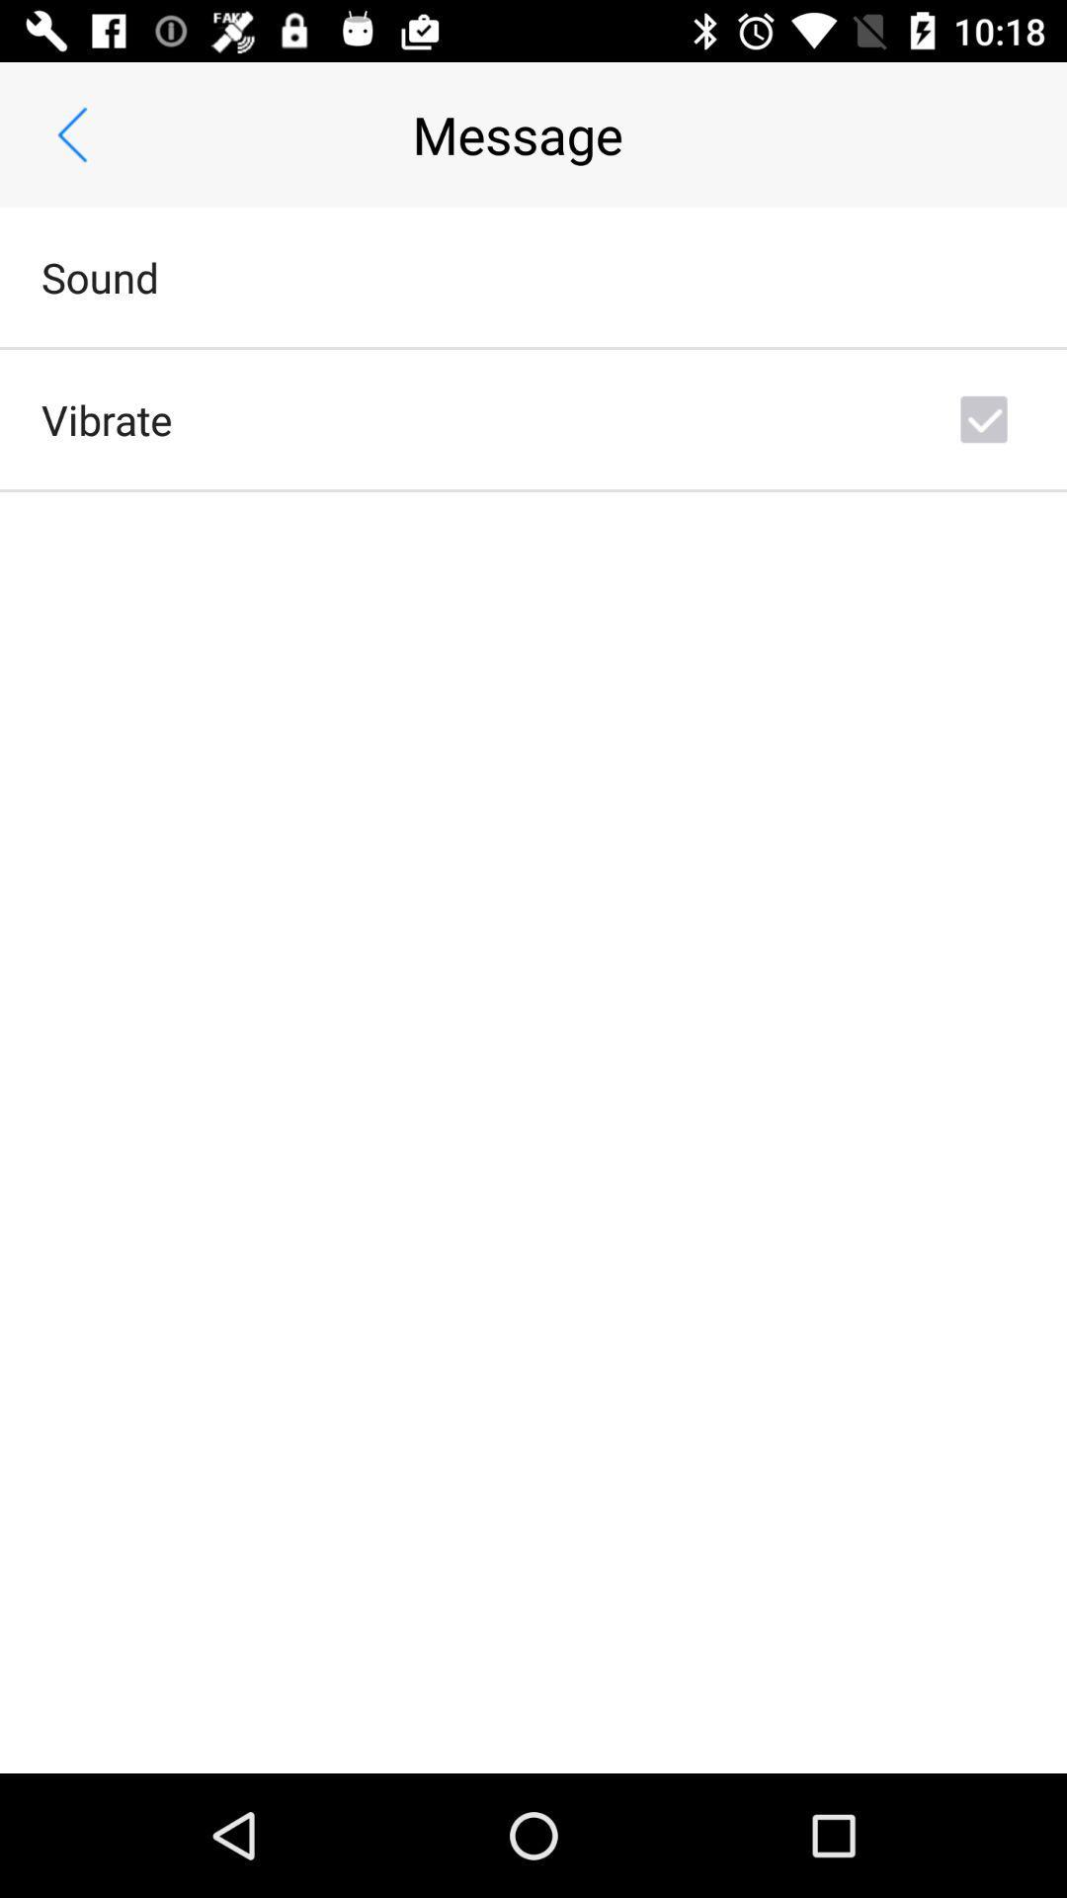 The height and width of the screenshot is (1898, 1067). What do you see at coordinates (71, 133) in the screenshot?
I see `the icon to the left of message app` at bounding box center [71, 133].